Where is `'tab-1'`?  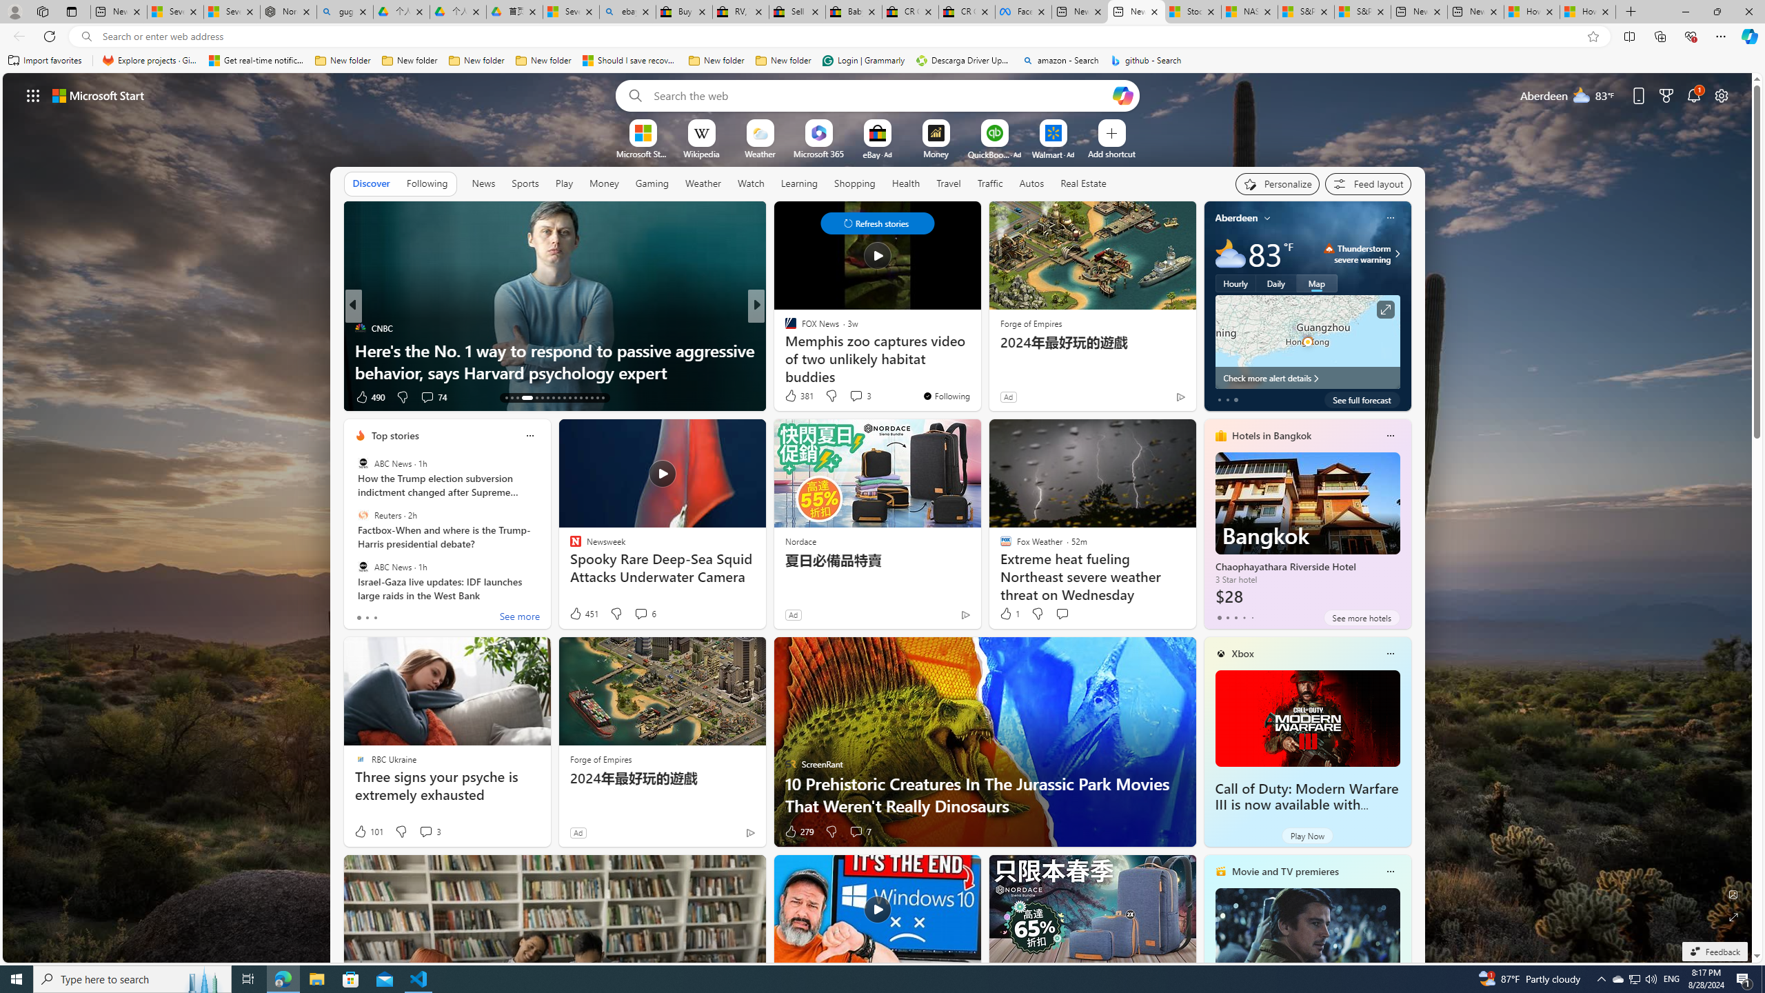 'tab-1' is located at coordinates (1227, 617).